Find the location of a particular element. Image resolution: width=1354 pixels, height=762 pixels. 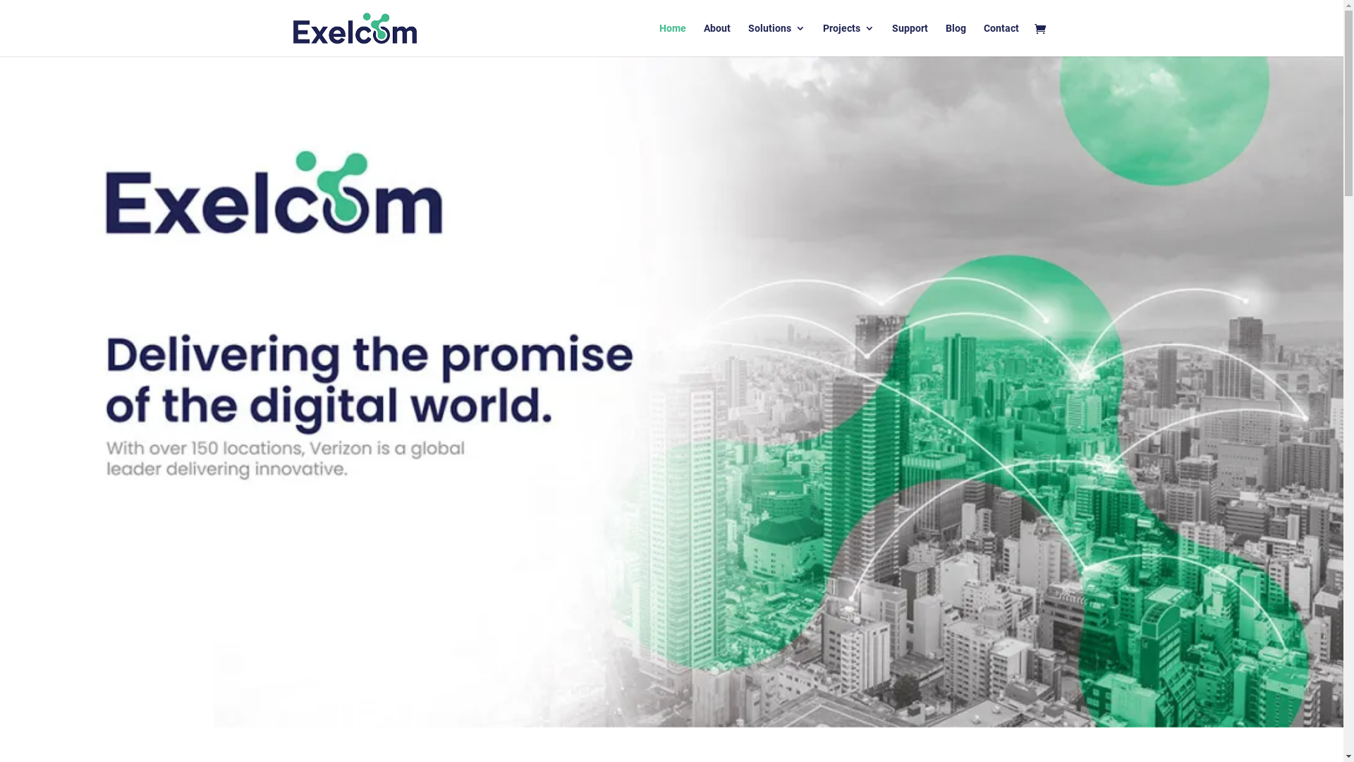

'Support' is located at coordinates (909, 39).